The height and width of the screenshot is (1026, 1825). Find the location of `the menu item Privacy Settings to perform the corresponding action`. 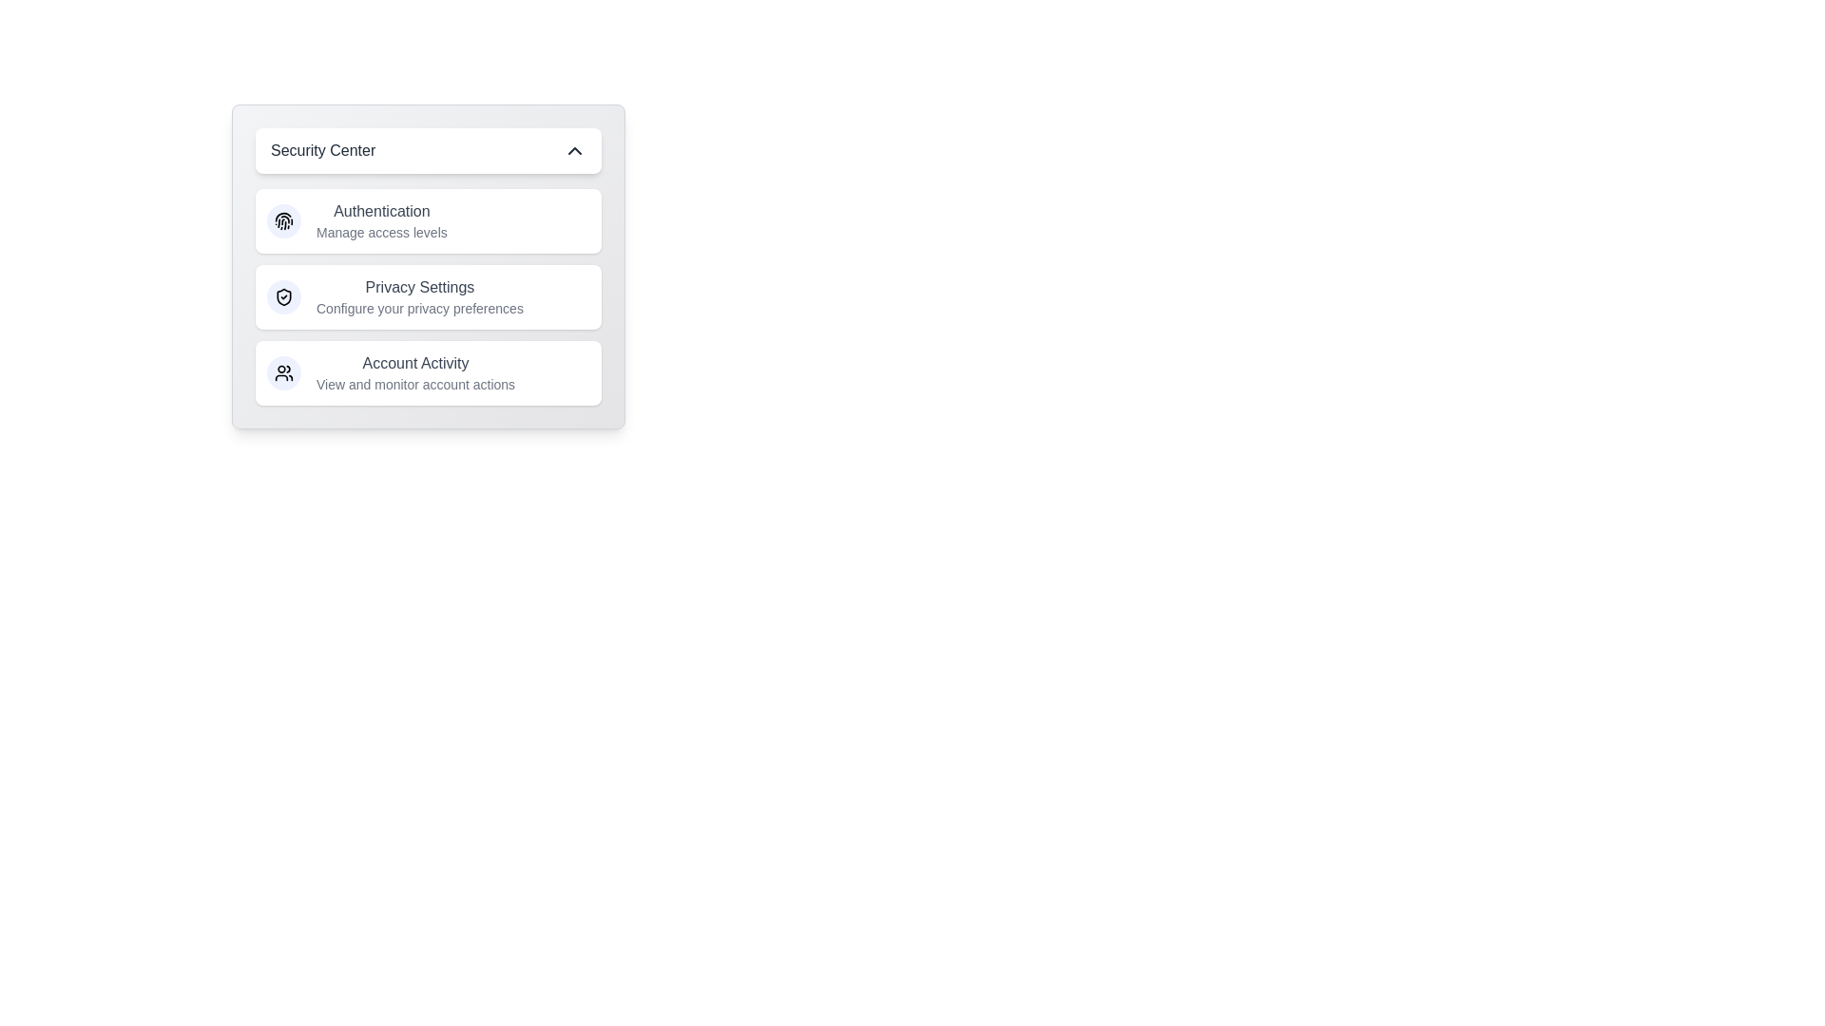

the menu item Privacy Settings to perform the corresponding action is located at coordinates (428, 296).